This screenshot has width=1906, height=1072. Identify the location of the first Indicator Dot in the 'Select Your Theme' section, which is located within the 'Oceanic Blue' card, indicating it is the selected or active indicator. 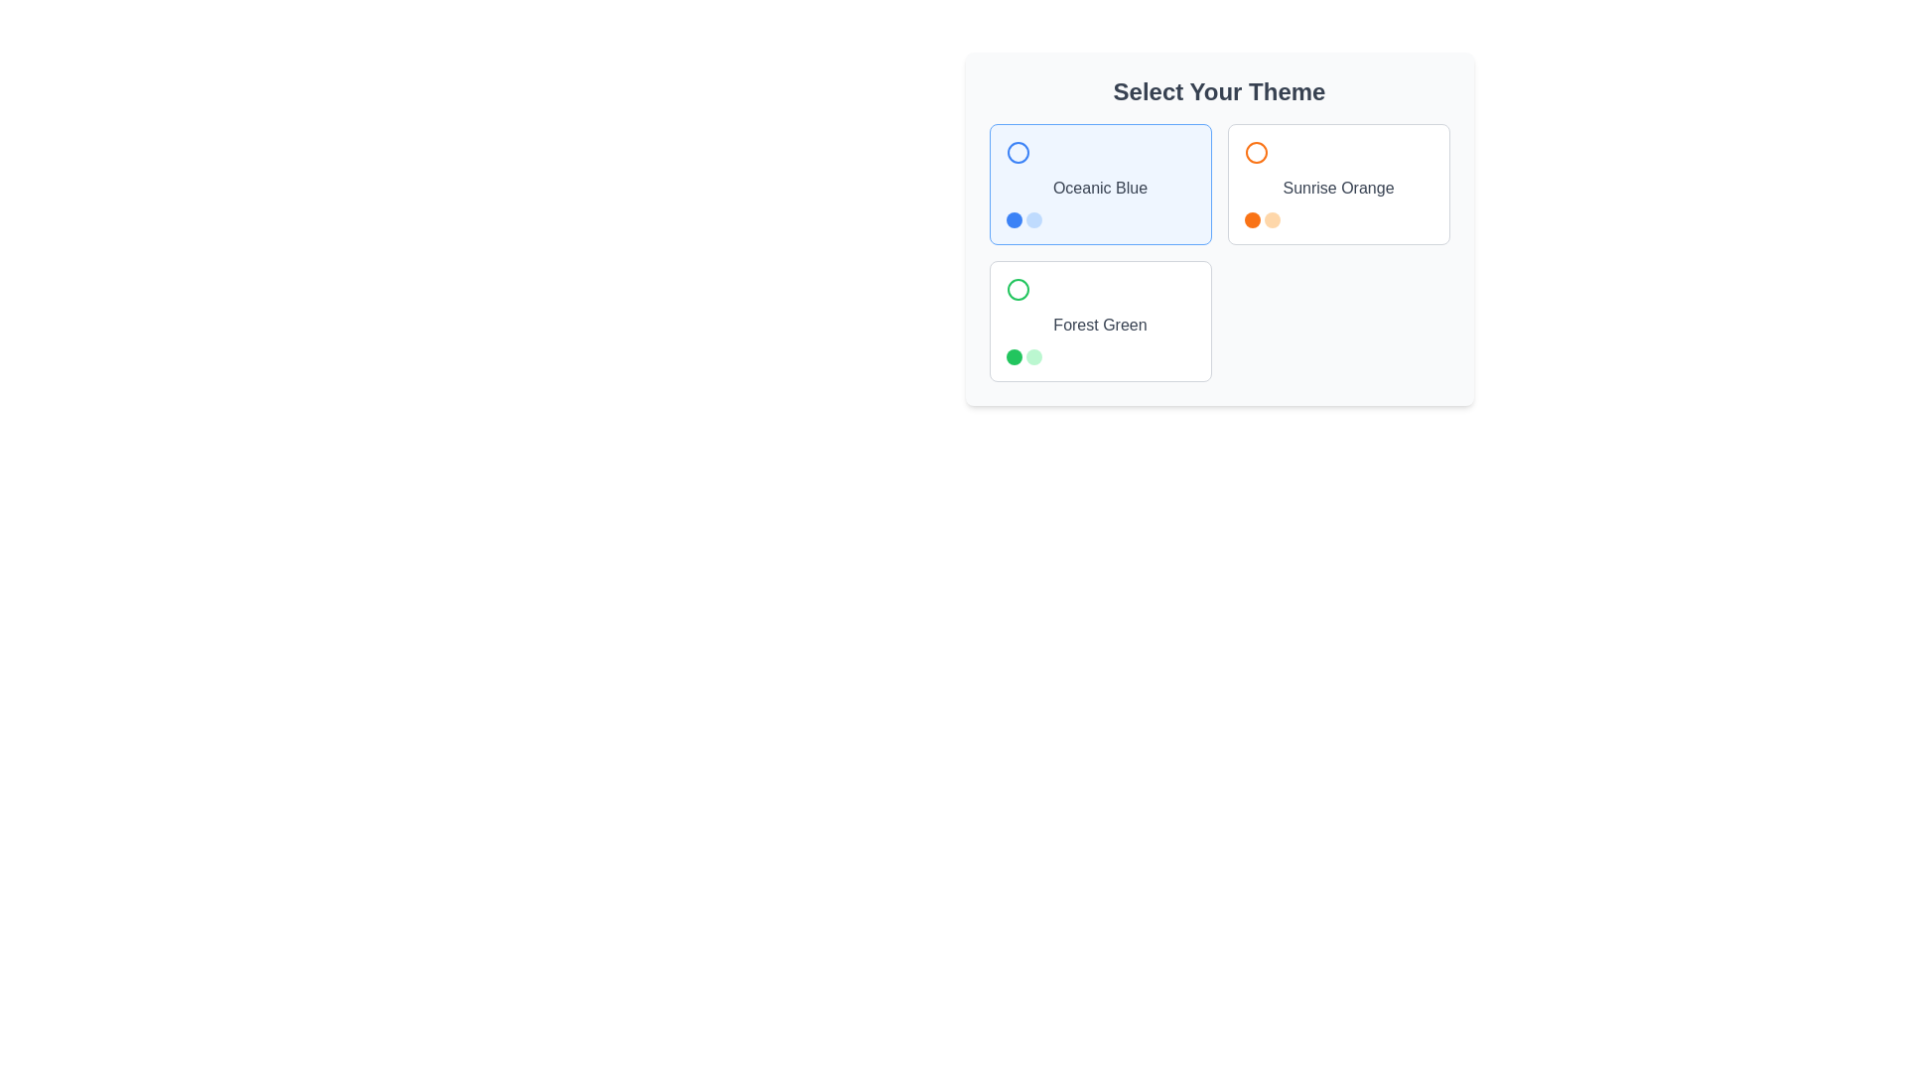
(1014, 220).